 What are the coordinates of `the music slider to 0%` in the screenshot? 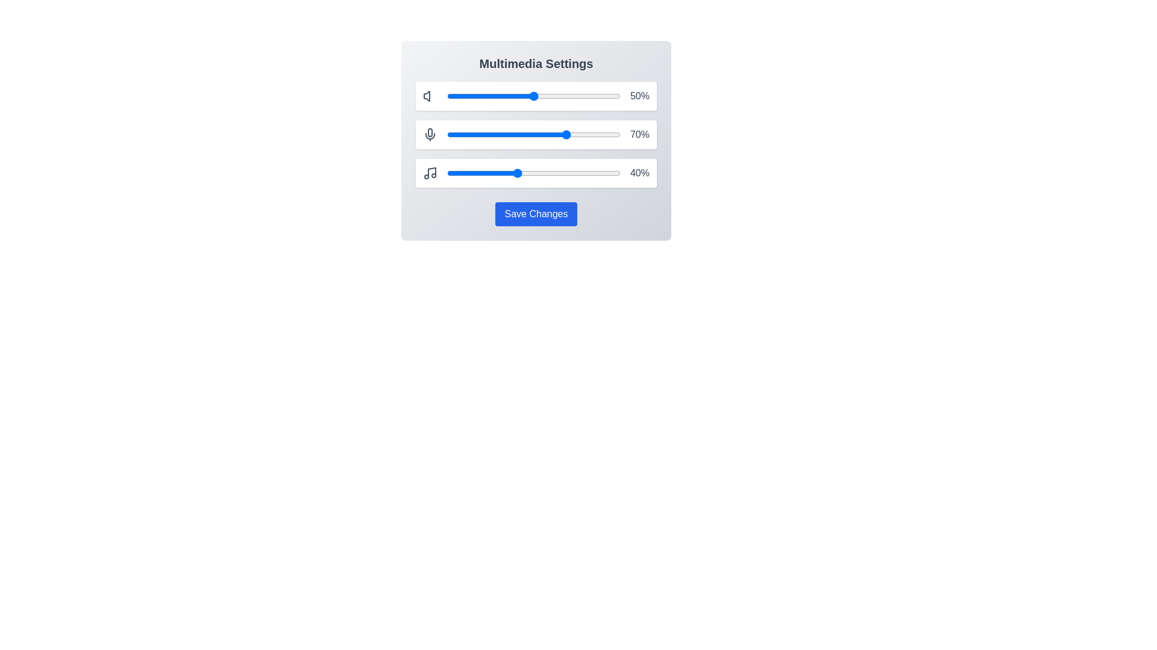 It's located at (447, 173).